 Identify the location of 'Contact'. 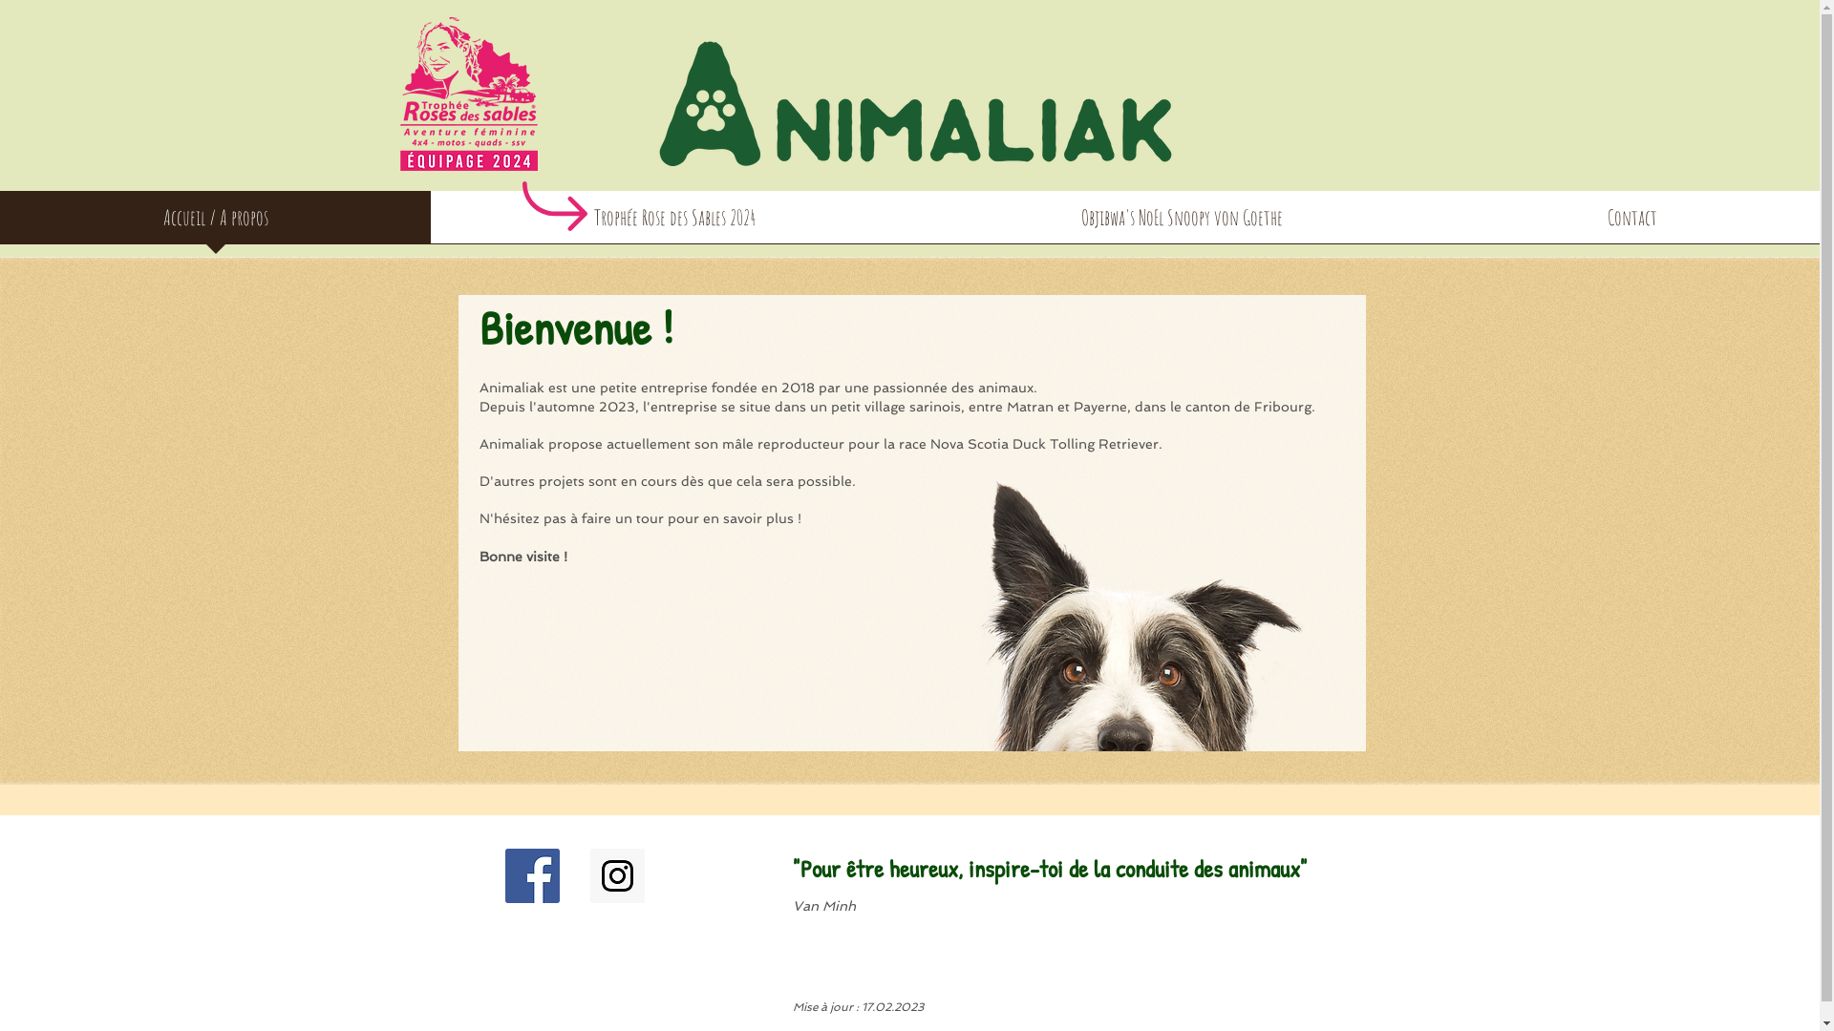
(1631, 222).